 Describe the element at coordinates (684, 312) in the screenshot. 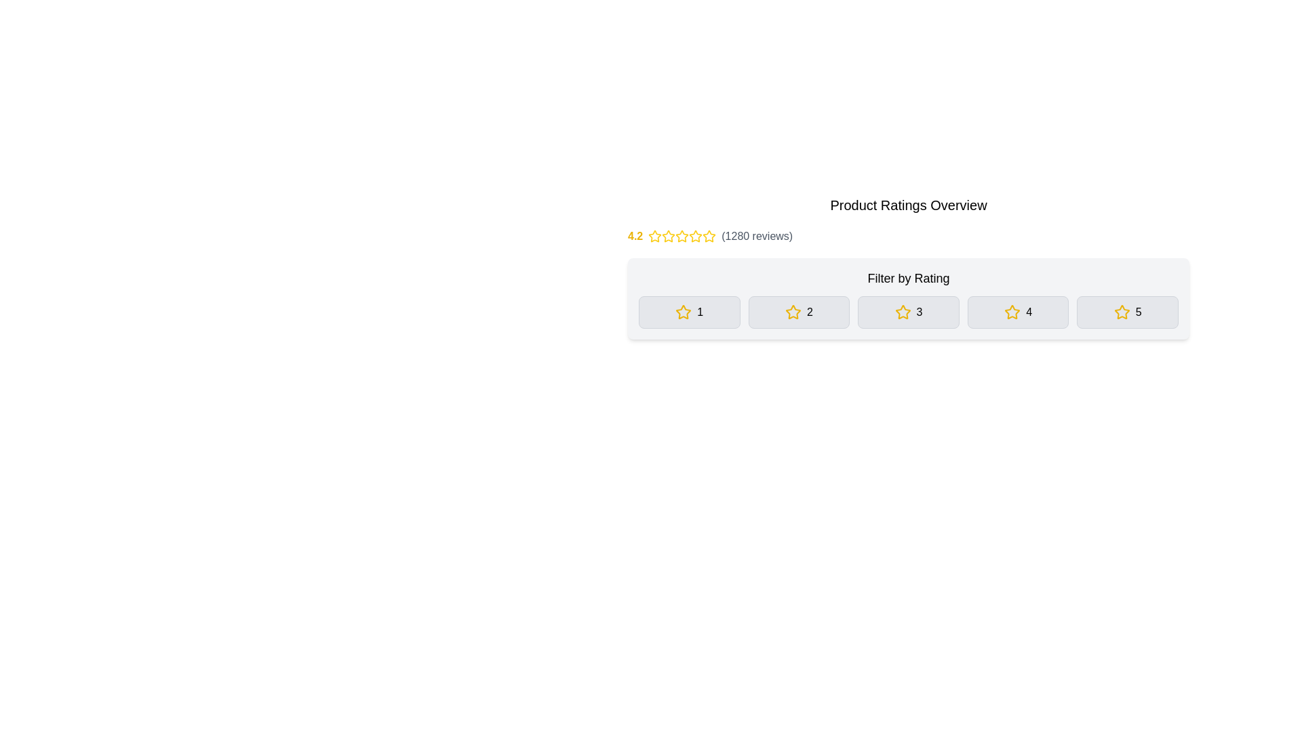

I see `the first star icon representing a rating level of '1', located next to the text '1' in the UI` at that location.